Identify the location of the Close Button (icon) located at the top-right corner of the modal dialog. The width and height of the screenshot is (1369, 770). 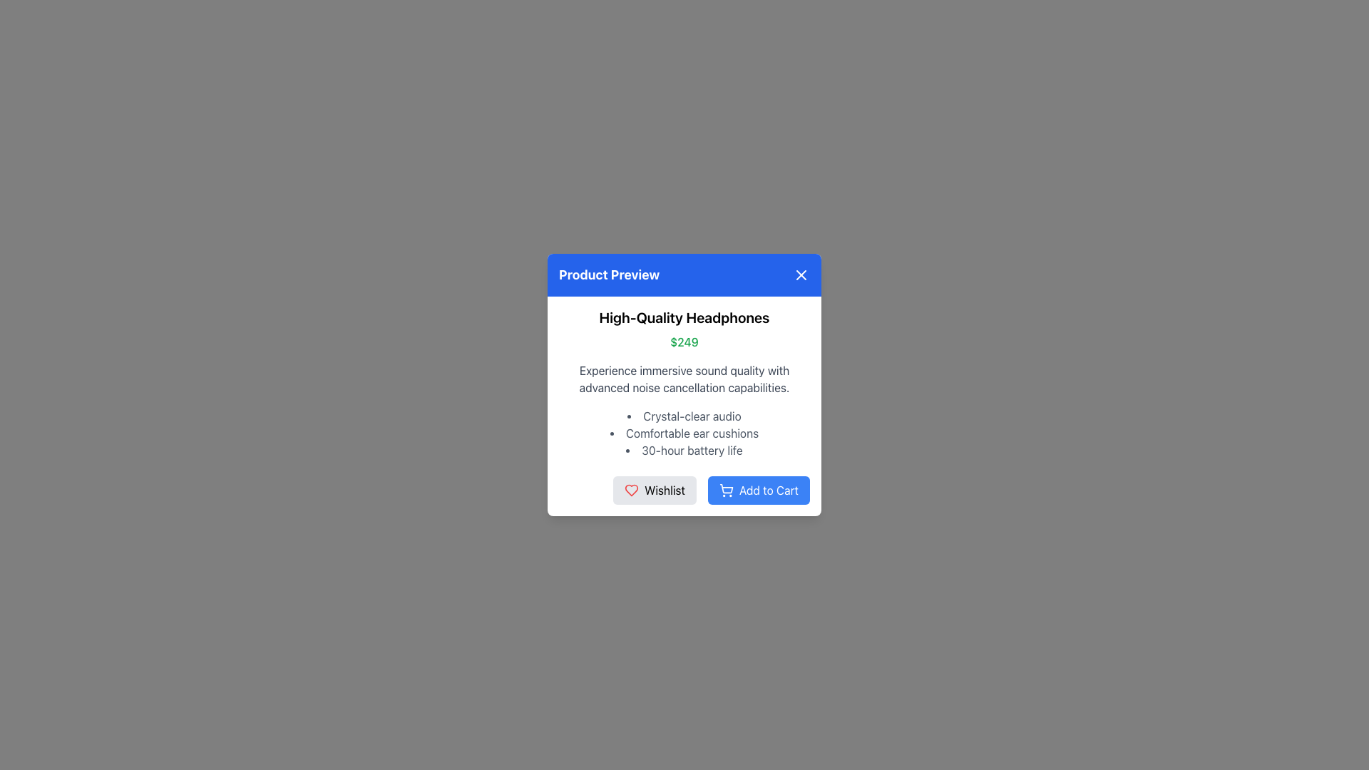
(801, 274).